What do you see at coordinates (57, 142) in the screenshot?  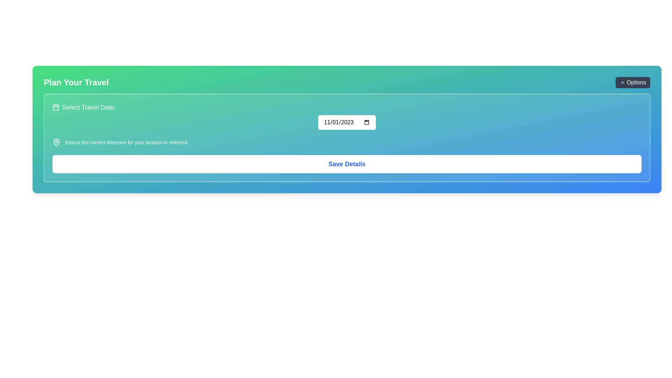 I see `the map indicator icon located to the left of the text label in the 'Ensure the correct timezone for your location is selected.' section` at bounding box center [57, 142].